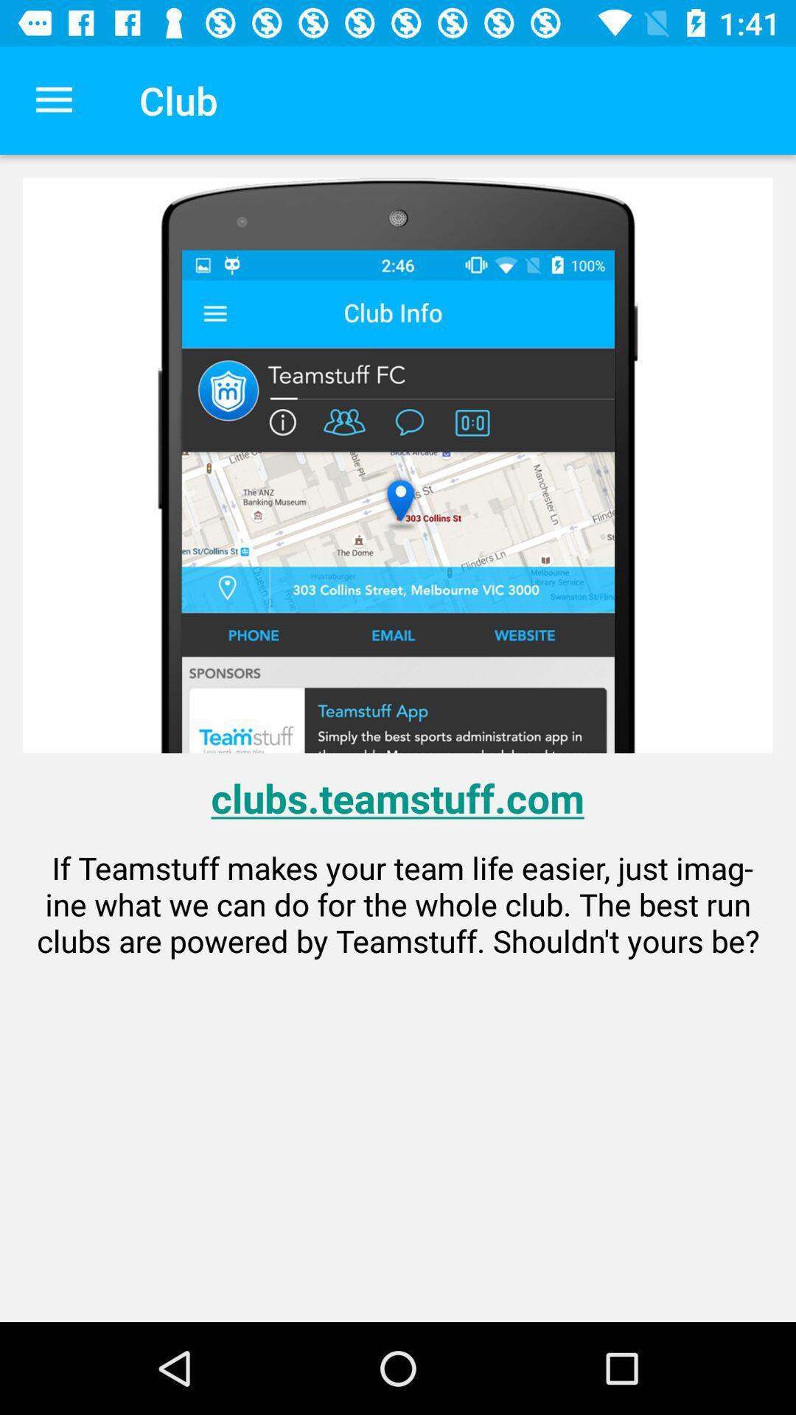  I want to click on item to the left of the club, so click(53, 99).